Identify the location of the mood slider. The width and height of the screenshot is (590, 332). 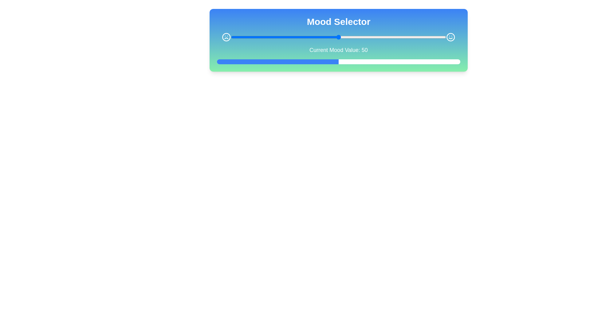
(257, 37).